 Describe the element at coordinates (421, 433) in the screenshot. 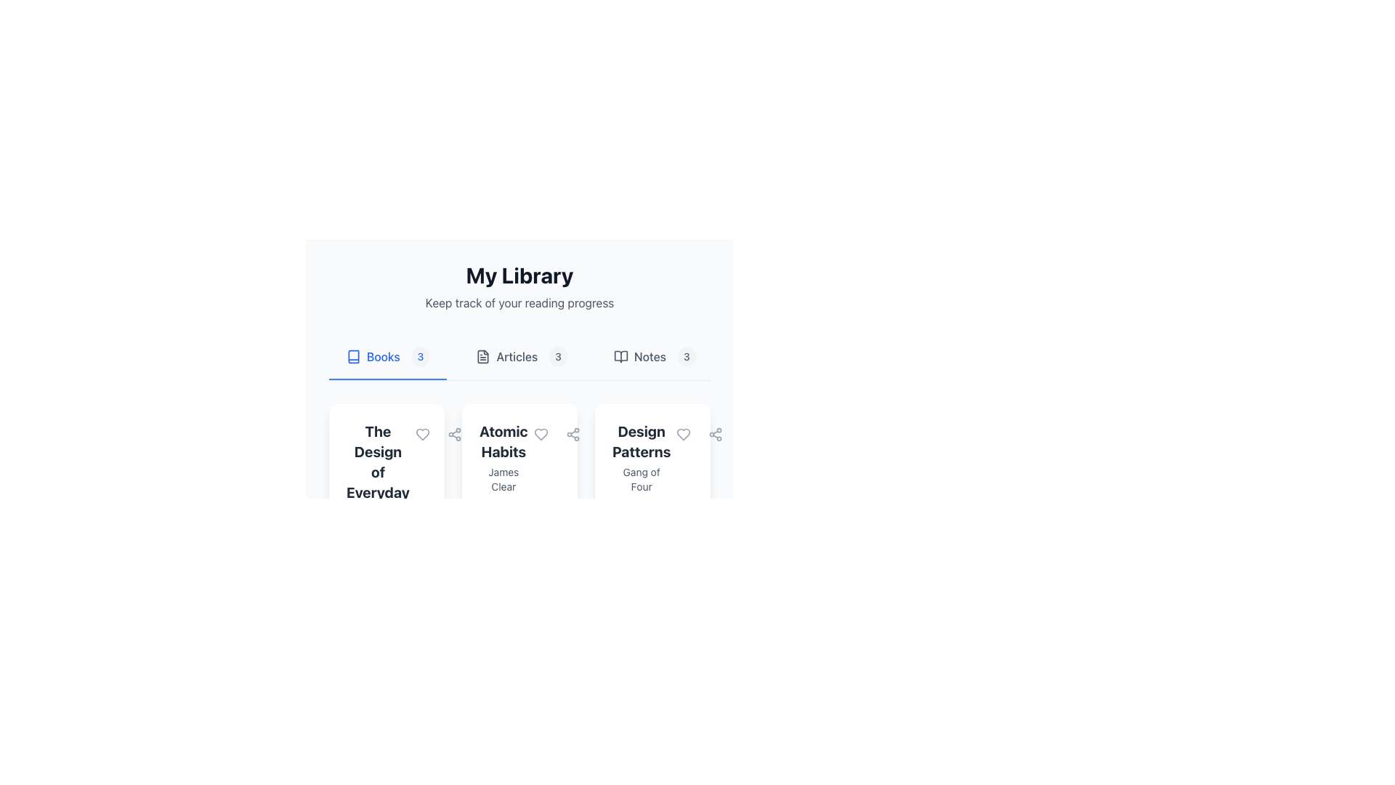

I see `the heart-shaped icon button located in the top-right section of the first book card under the 'Books' tab` at that location.